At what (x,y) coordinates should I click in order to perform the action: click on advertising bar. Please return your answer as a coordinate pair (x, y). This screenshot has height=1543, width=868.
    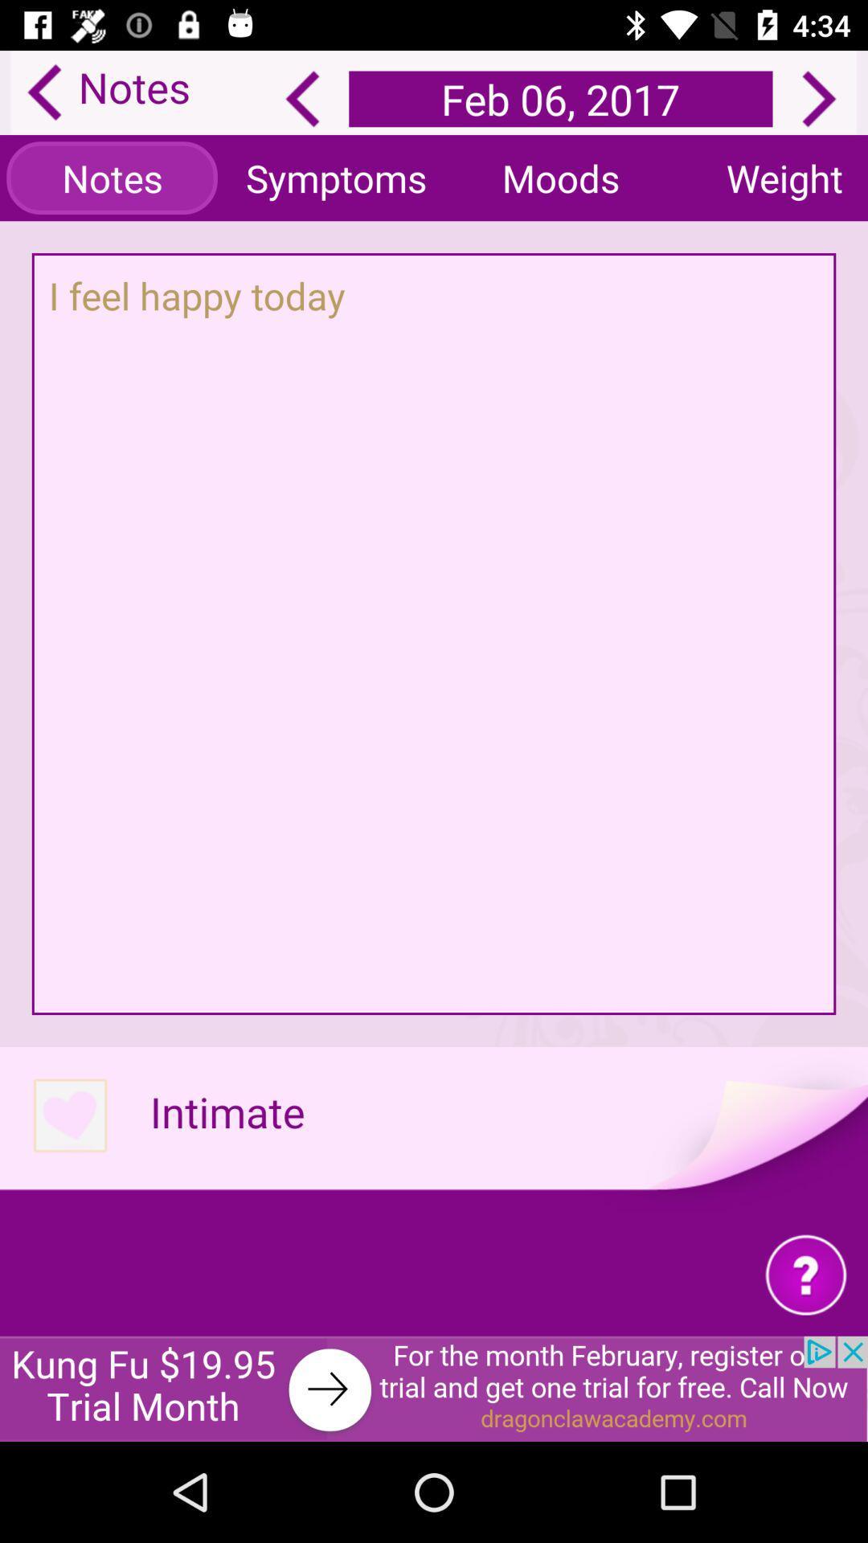
    Looking at the image, I should click on (434, 1388).